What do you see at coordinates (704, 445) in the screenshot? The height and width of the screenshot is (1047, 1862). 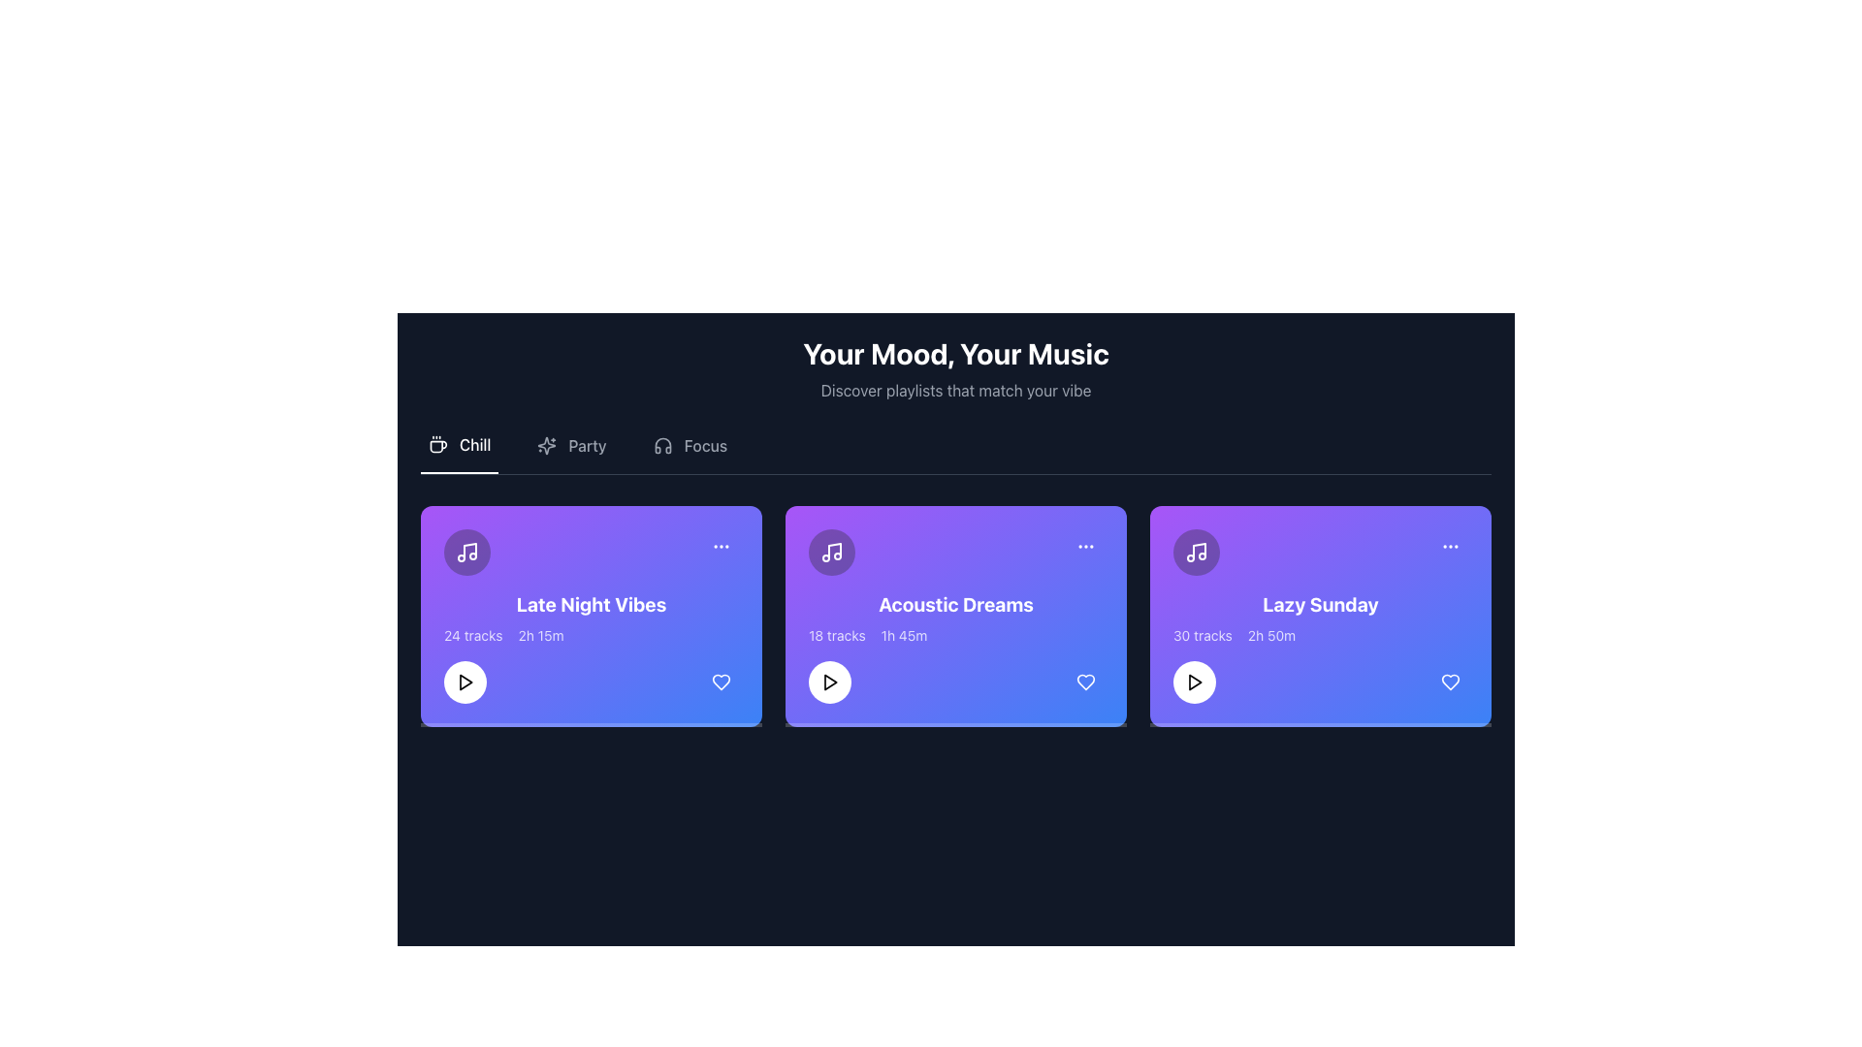 I see `the 'Focus' text label, which is the third menu item in a horizontal navigation bar` at bounding box center [704, 445].